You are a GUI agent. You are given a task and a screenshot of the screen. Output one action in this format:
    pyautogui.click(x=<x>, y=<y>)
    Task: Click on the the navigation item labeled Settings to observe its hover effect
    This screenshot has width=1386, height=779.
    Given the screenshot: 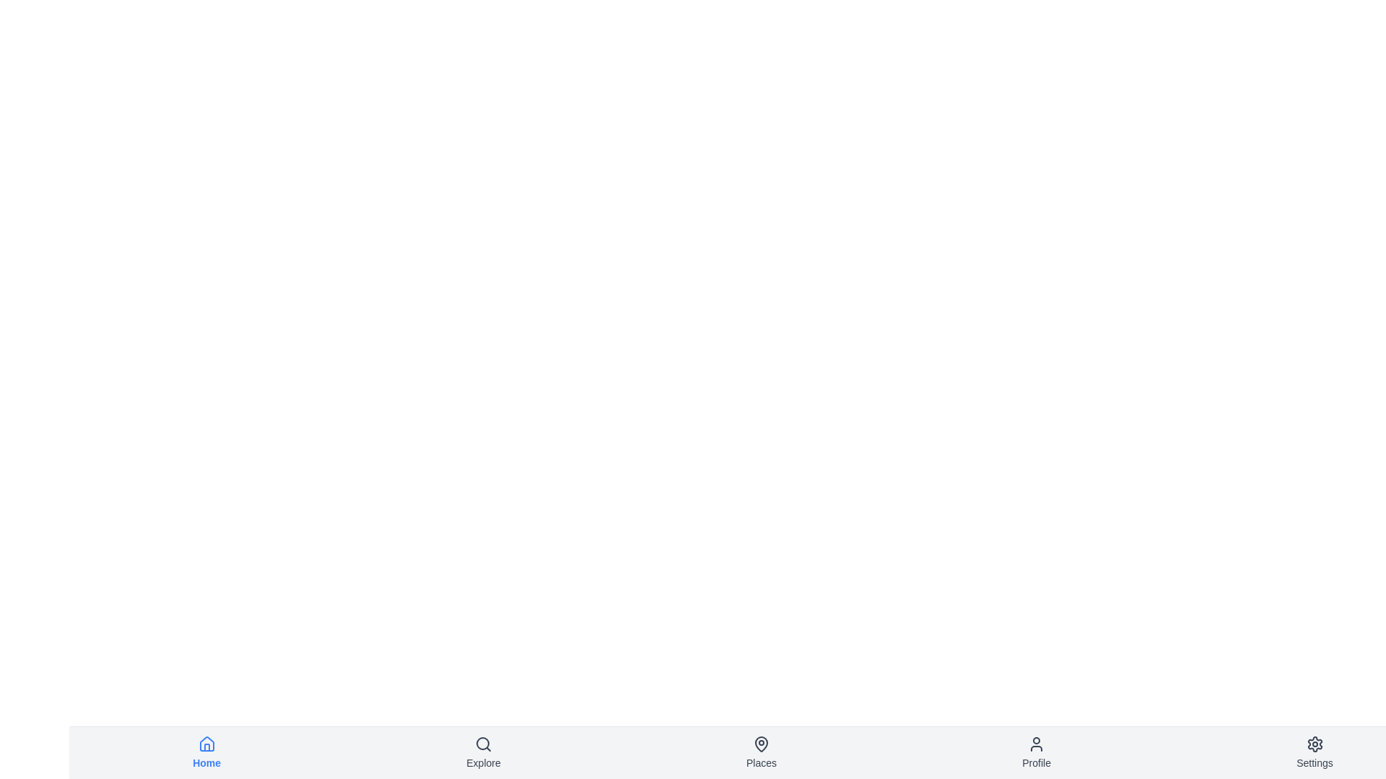 What is the action you would take?
    pyautogui.click(x=1315, y=752)
    